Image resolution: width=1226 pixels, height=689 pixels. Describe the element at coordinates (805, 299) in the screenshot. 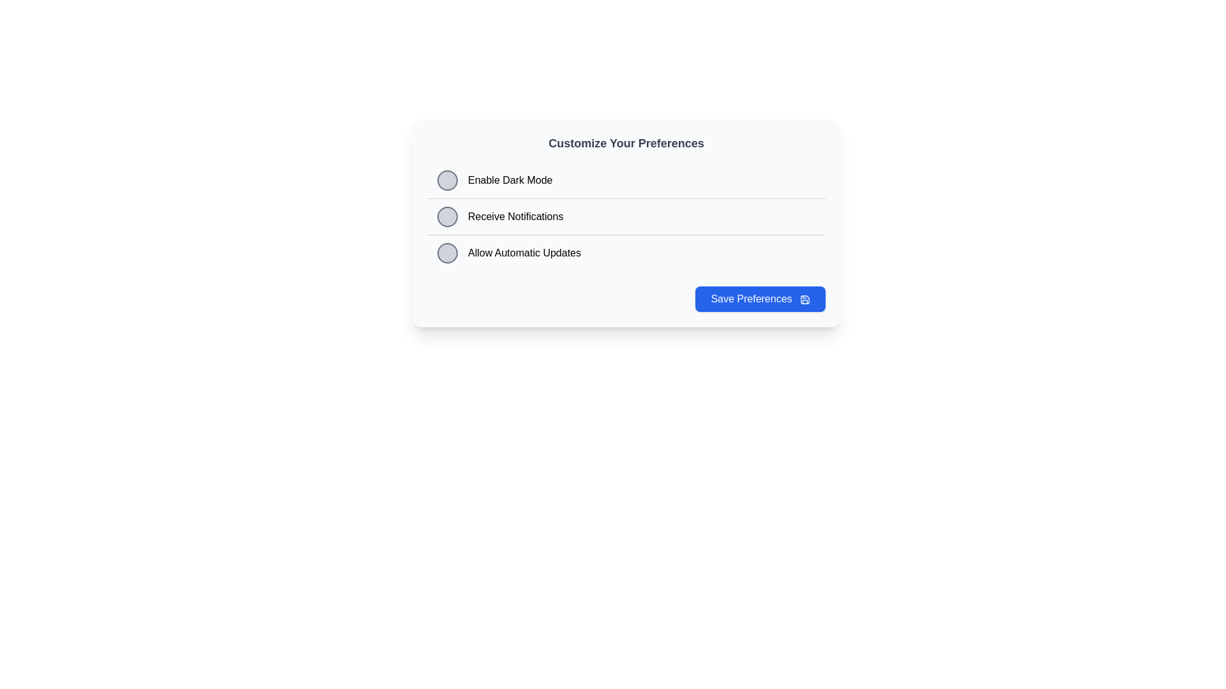

I see `the 'Save Preferences' button that contains a floppy disk icon on its right side` at that location.